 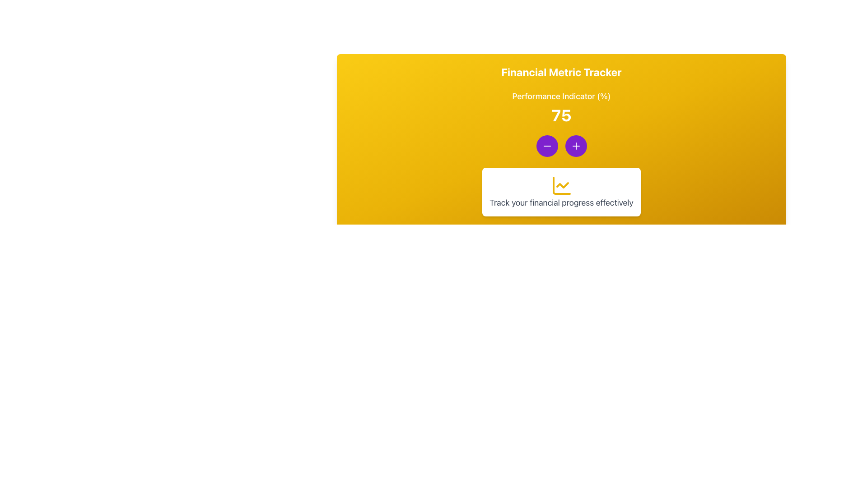 I want to click on the vector graphic representing a line chart or trend symbol located within the lower central area of the interface, below the 'Financial Metric Tracker' heading and the '75' percentage indicator, so click(x=561, y=185).